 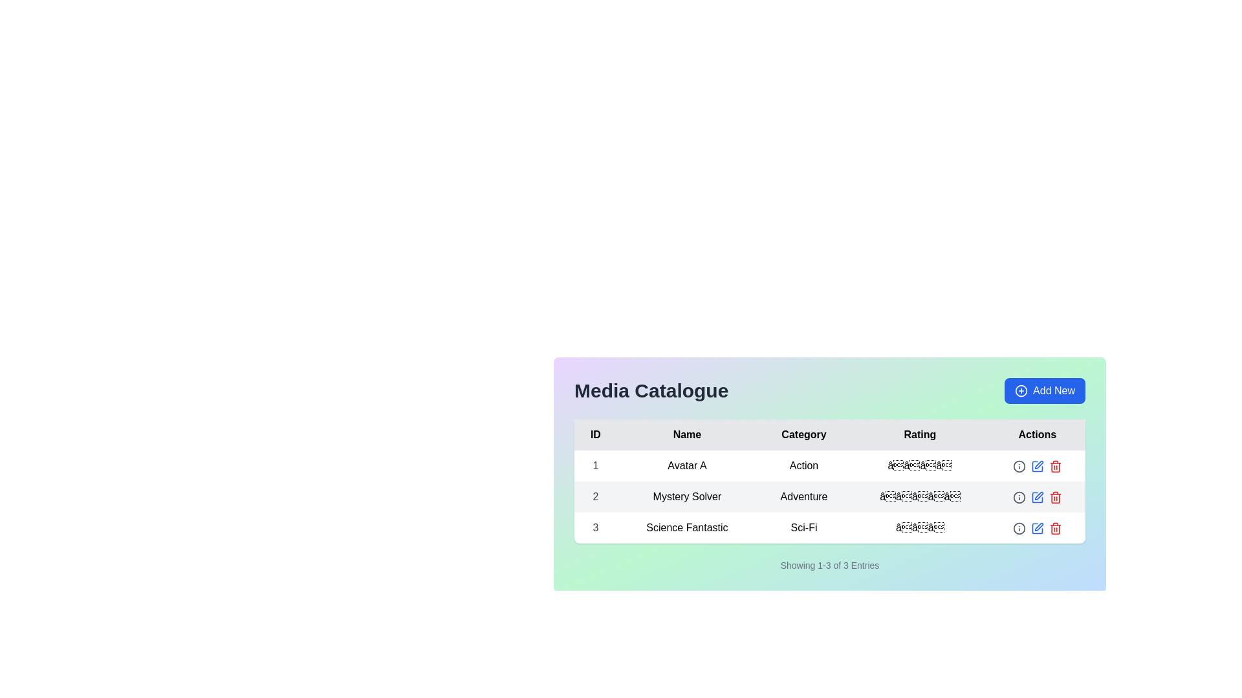 What do you see at coordinates (1018, 496) in the screenshot?
I see `the circular gray icon with a '!' symbol located in the 'Actions' column of the second row in the table` at bounding box center [1018, 496].